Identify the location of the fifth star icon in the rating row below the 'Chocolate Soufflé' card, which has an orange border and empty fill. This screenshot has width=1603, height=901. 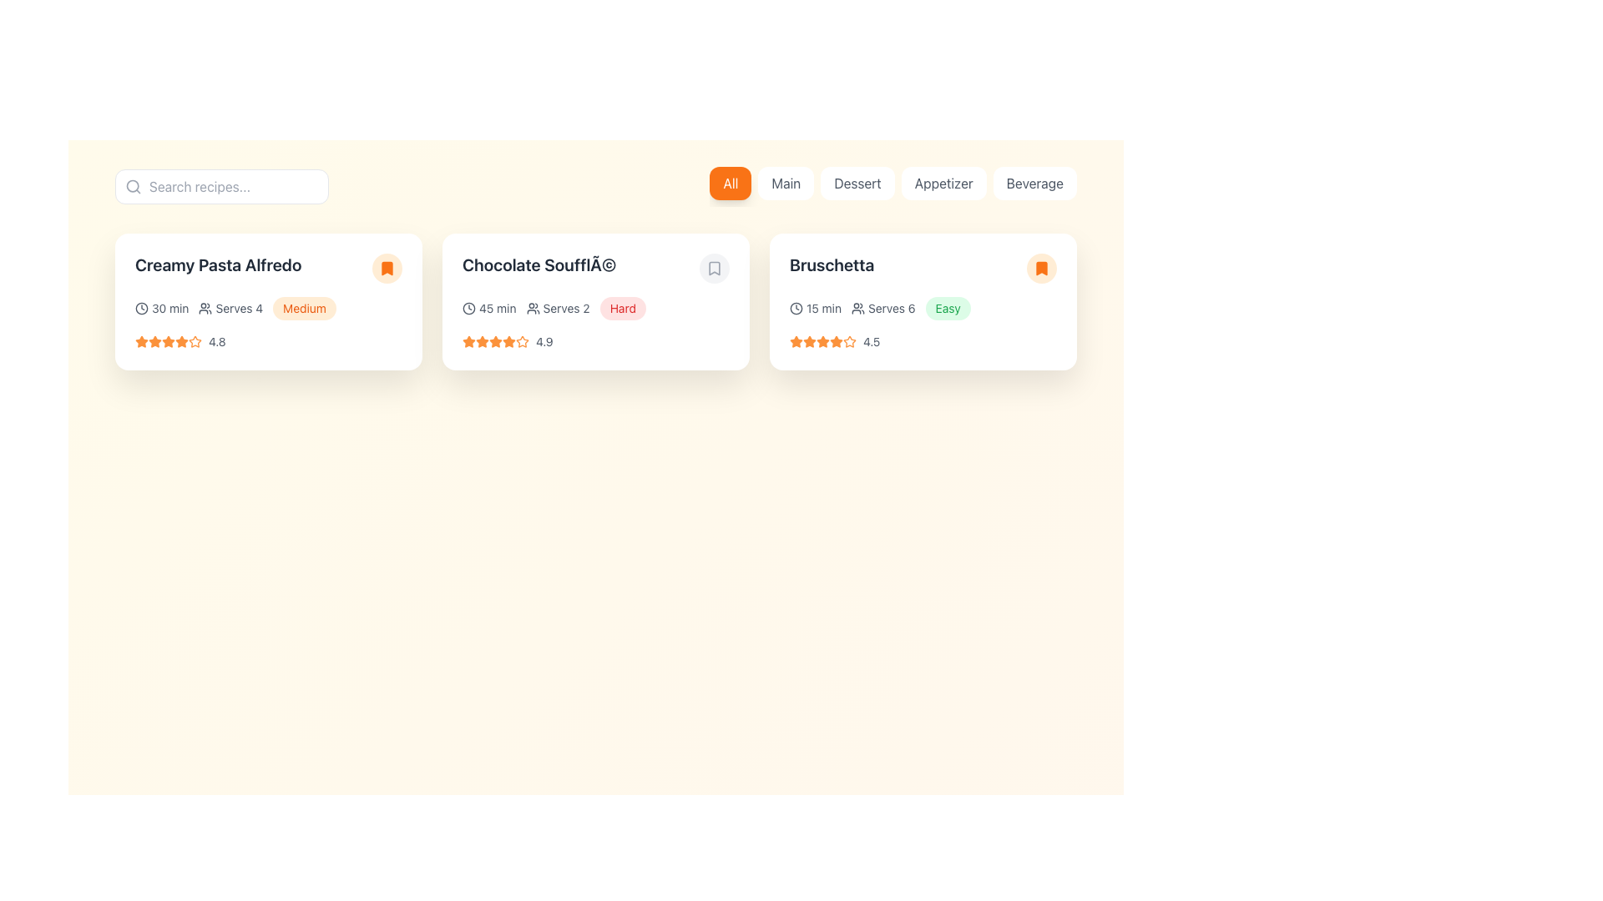
(521, 340).